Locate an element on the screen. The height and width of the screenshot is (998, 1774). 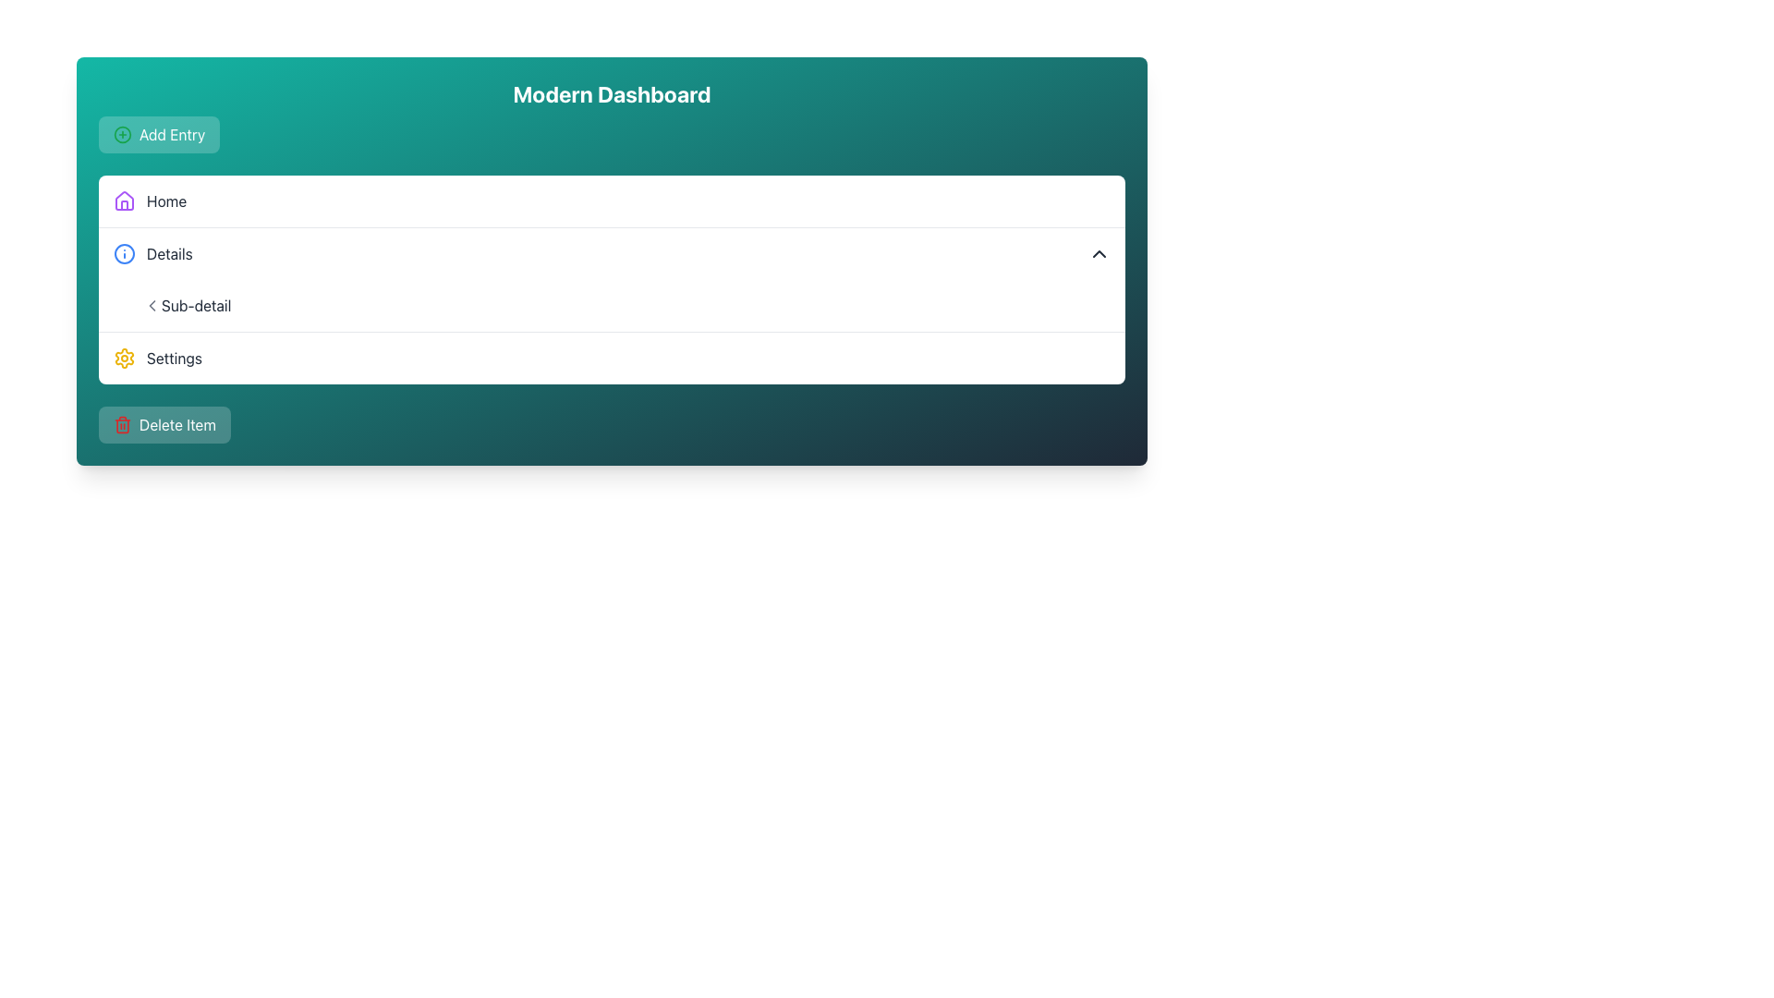
the interactive icon located to the left of the 'Add Entry' button in the top-left corner of the dashboard interface to initiate the action of adding a new entry is located at coordinates (122, 134).